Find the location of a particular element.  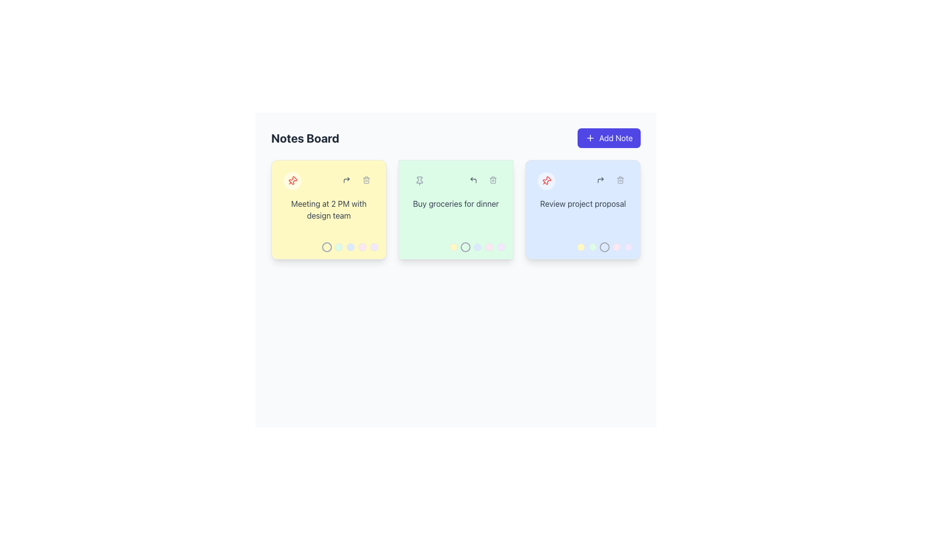

the pin icon button located at the top-left corner of the green card that contains the note 'Buy groceries for dinner' is located at coordinates (419, 181).